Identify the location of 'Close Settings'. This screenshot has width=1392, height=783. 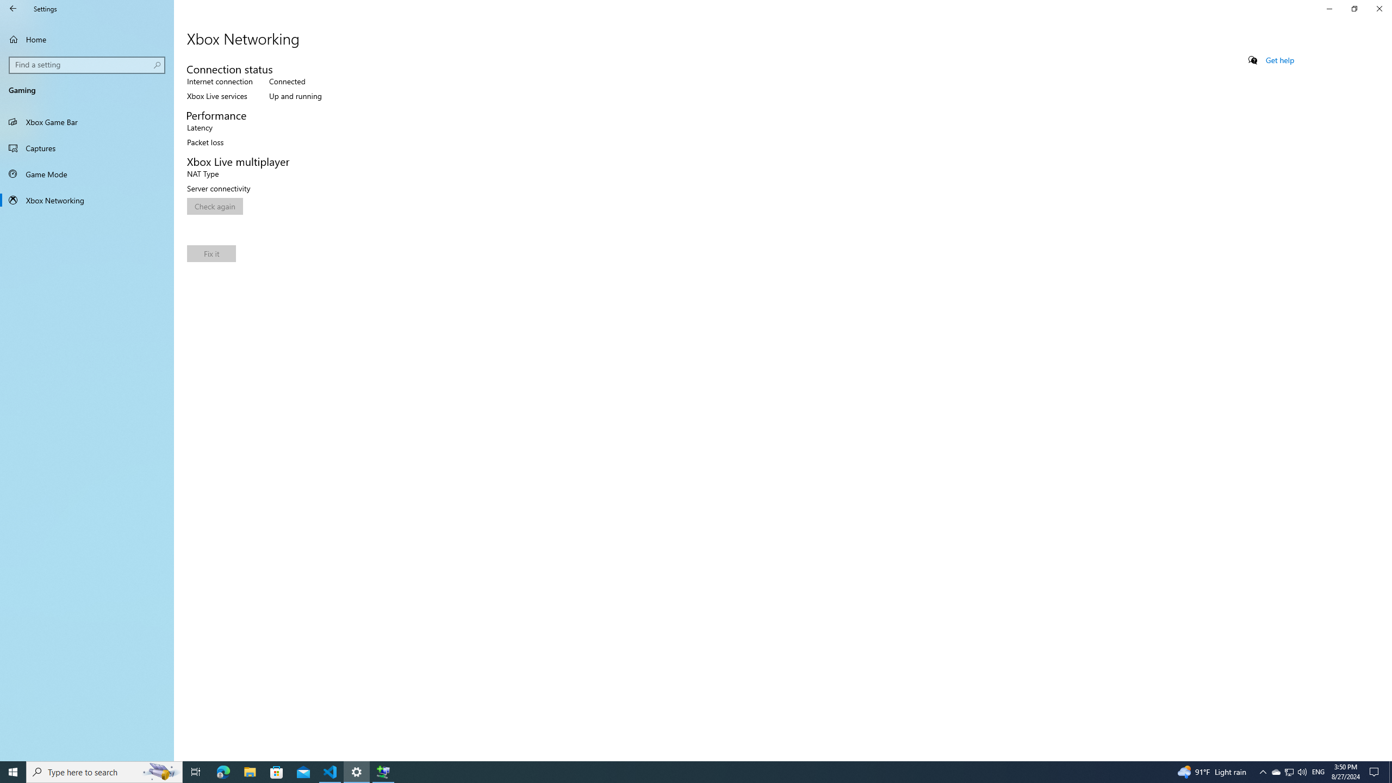
(1378, 8).